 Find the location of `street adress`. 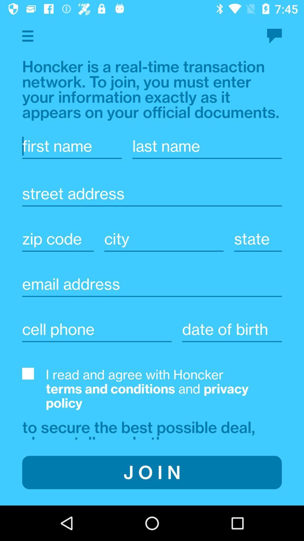

street adress is located at coordinates (152, 194).